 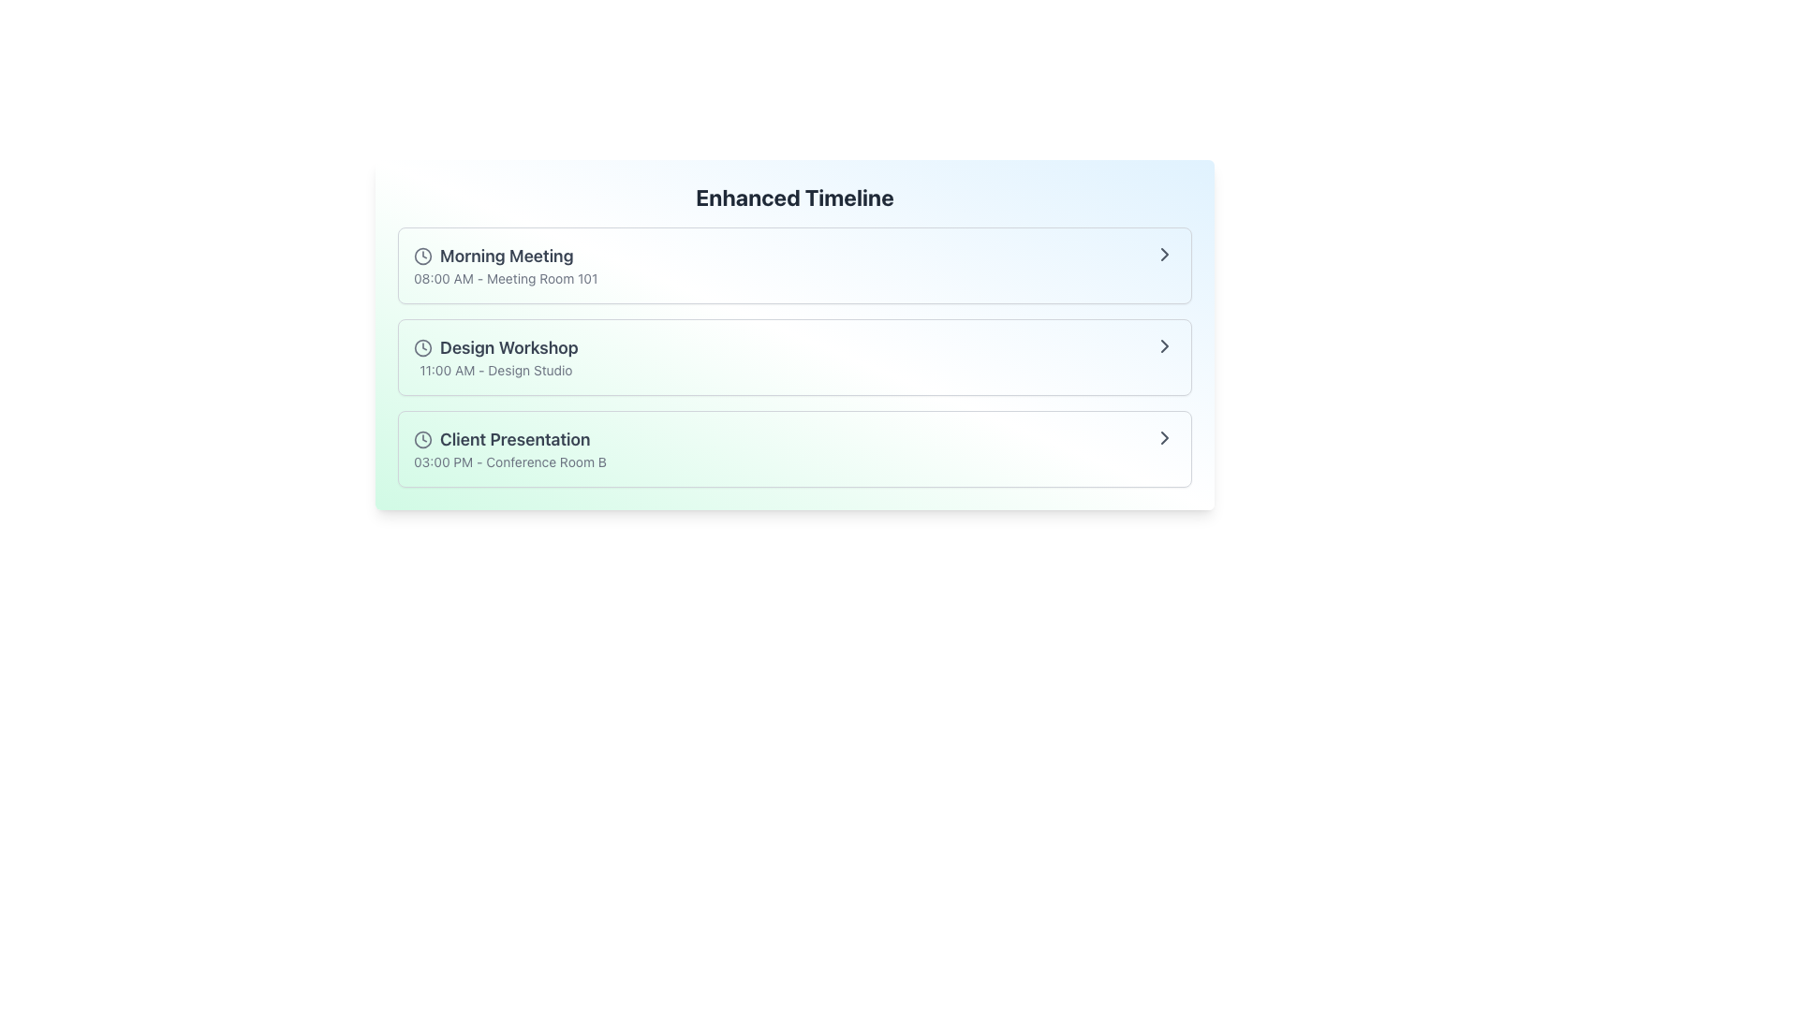 I want to click on the second item in the timeline interface that provides scheduling information about the 'Design Workshop' event, so click(x=495, y=357).